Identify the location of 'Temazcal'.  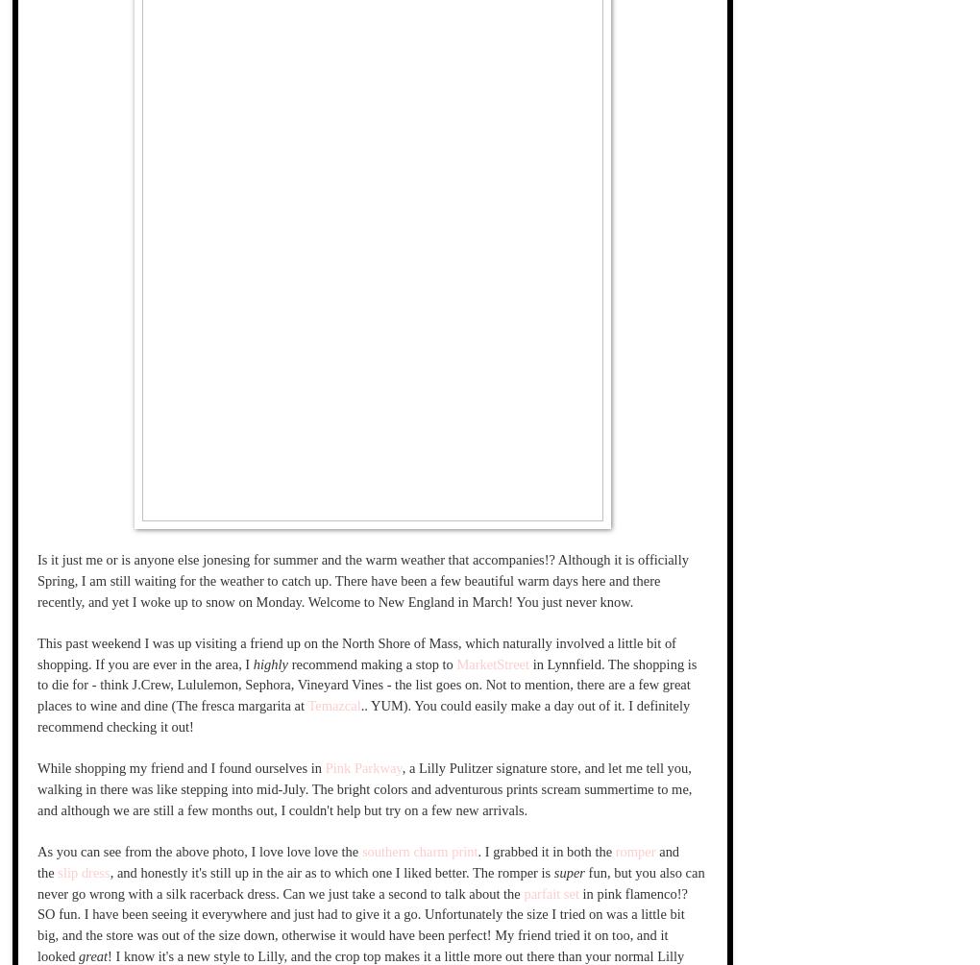
(332, 705).